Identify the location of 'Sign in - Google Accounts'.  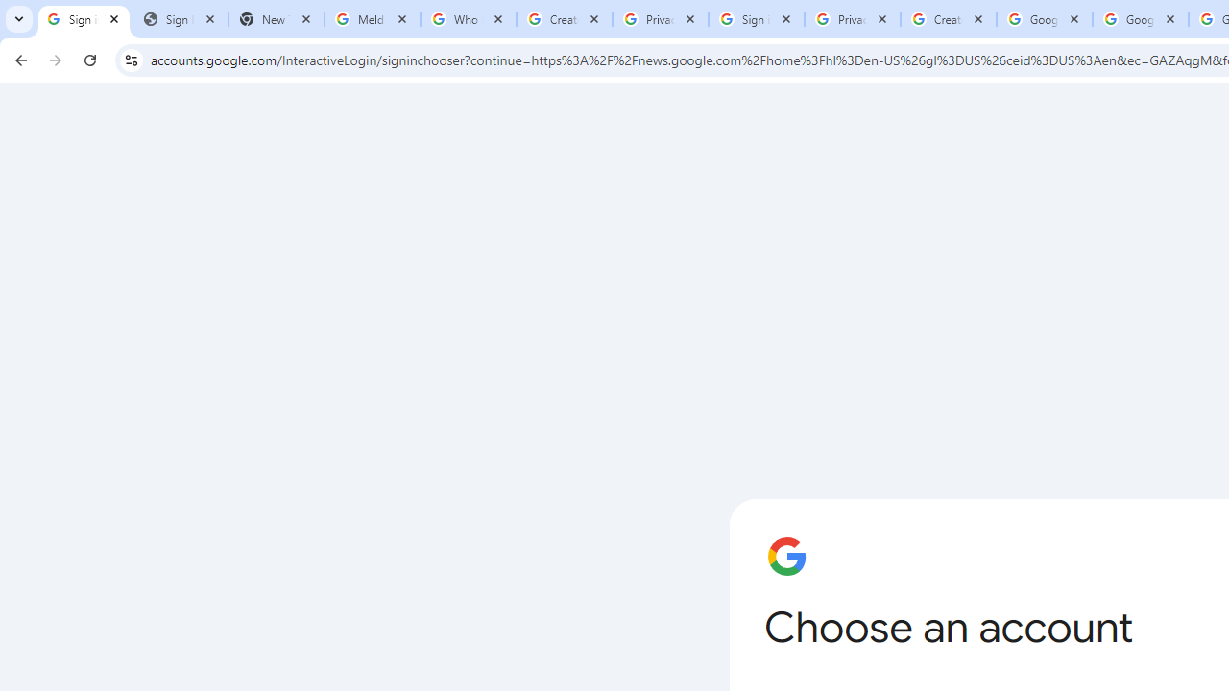
(83, 19).